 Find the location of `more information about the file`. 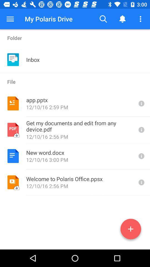

more information about the file is located at coordinates (141, 182).